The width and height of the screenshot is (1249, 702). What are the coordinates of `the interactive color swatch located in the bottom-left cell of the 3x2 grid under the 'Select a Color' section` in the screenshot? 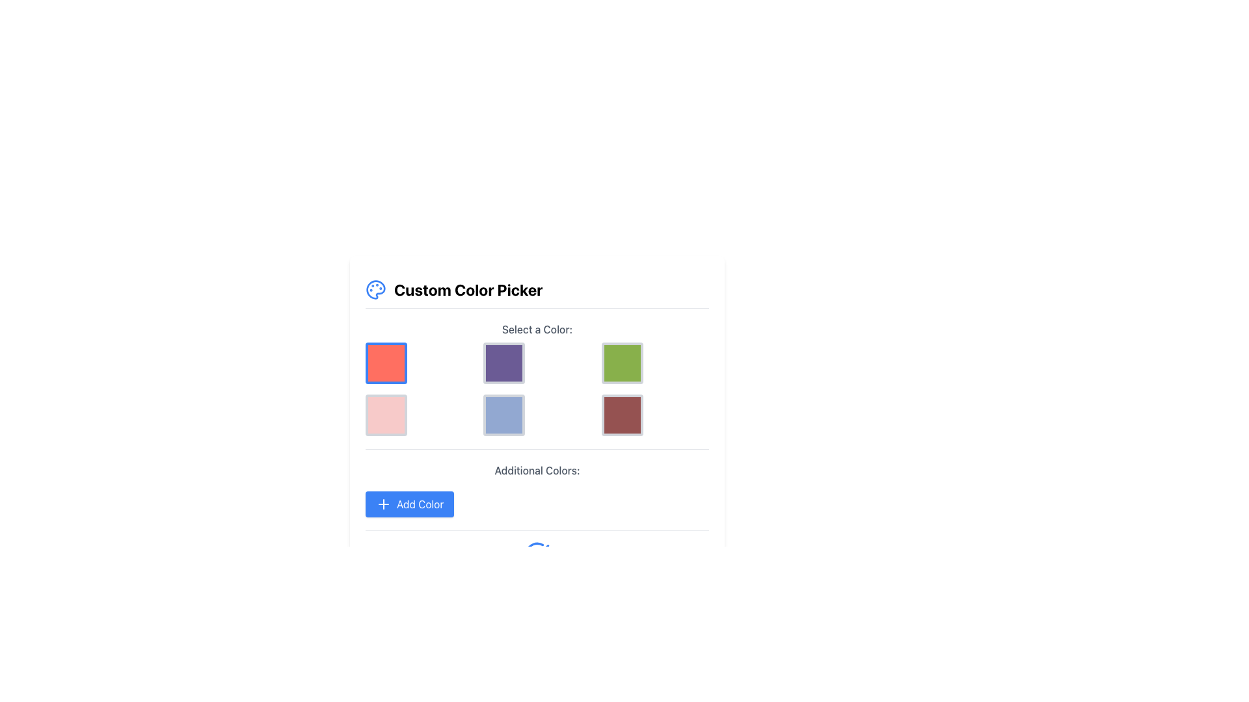 It's located at (386, 415).